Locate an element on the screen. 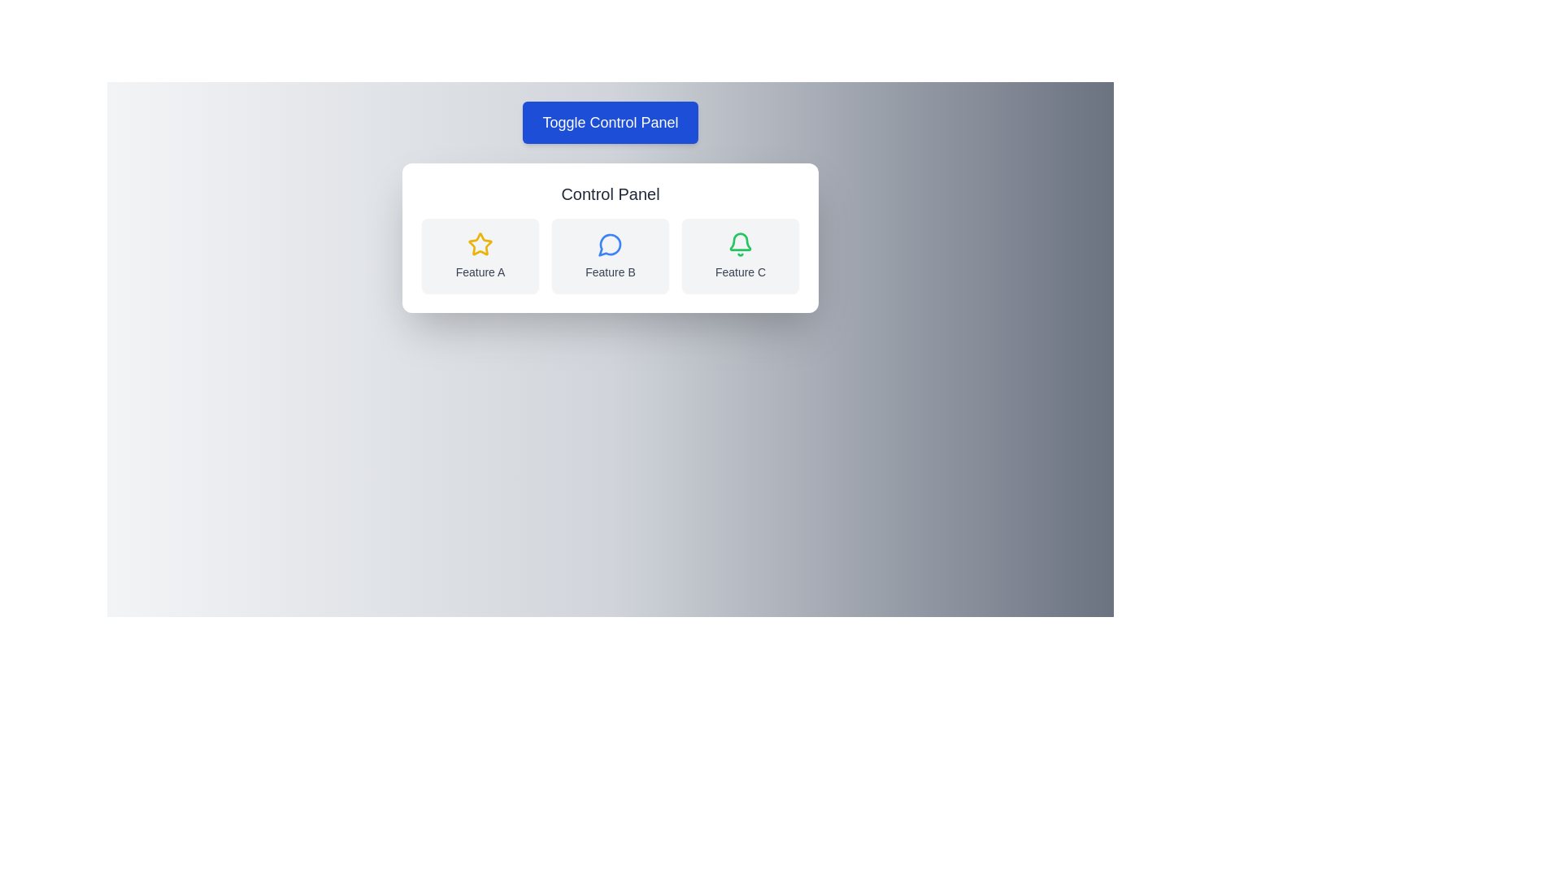 This screenshot has height=878, width=1561. the interactive block labeled 'Feature B' that contains a speech bubble icon, located centrally within a row of three blocks in the 'Control Panel' card is located at coordinates (609, 256).